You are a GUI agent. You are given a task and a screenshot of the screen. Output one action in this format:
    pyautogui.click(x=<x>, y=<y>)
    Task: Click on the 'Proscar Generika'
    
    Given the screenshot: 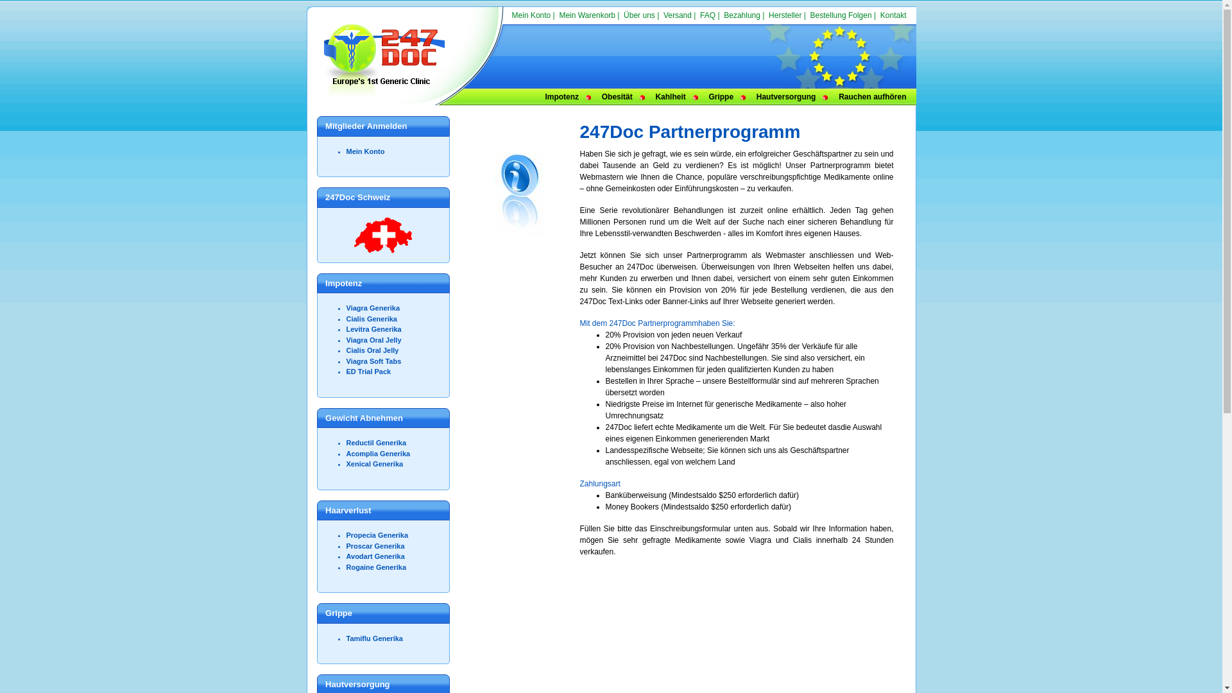 What is the action you would take?
    pyautogui.click(x=375, y=545)
    